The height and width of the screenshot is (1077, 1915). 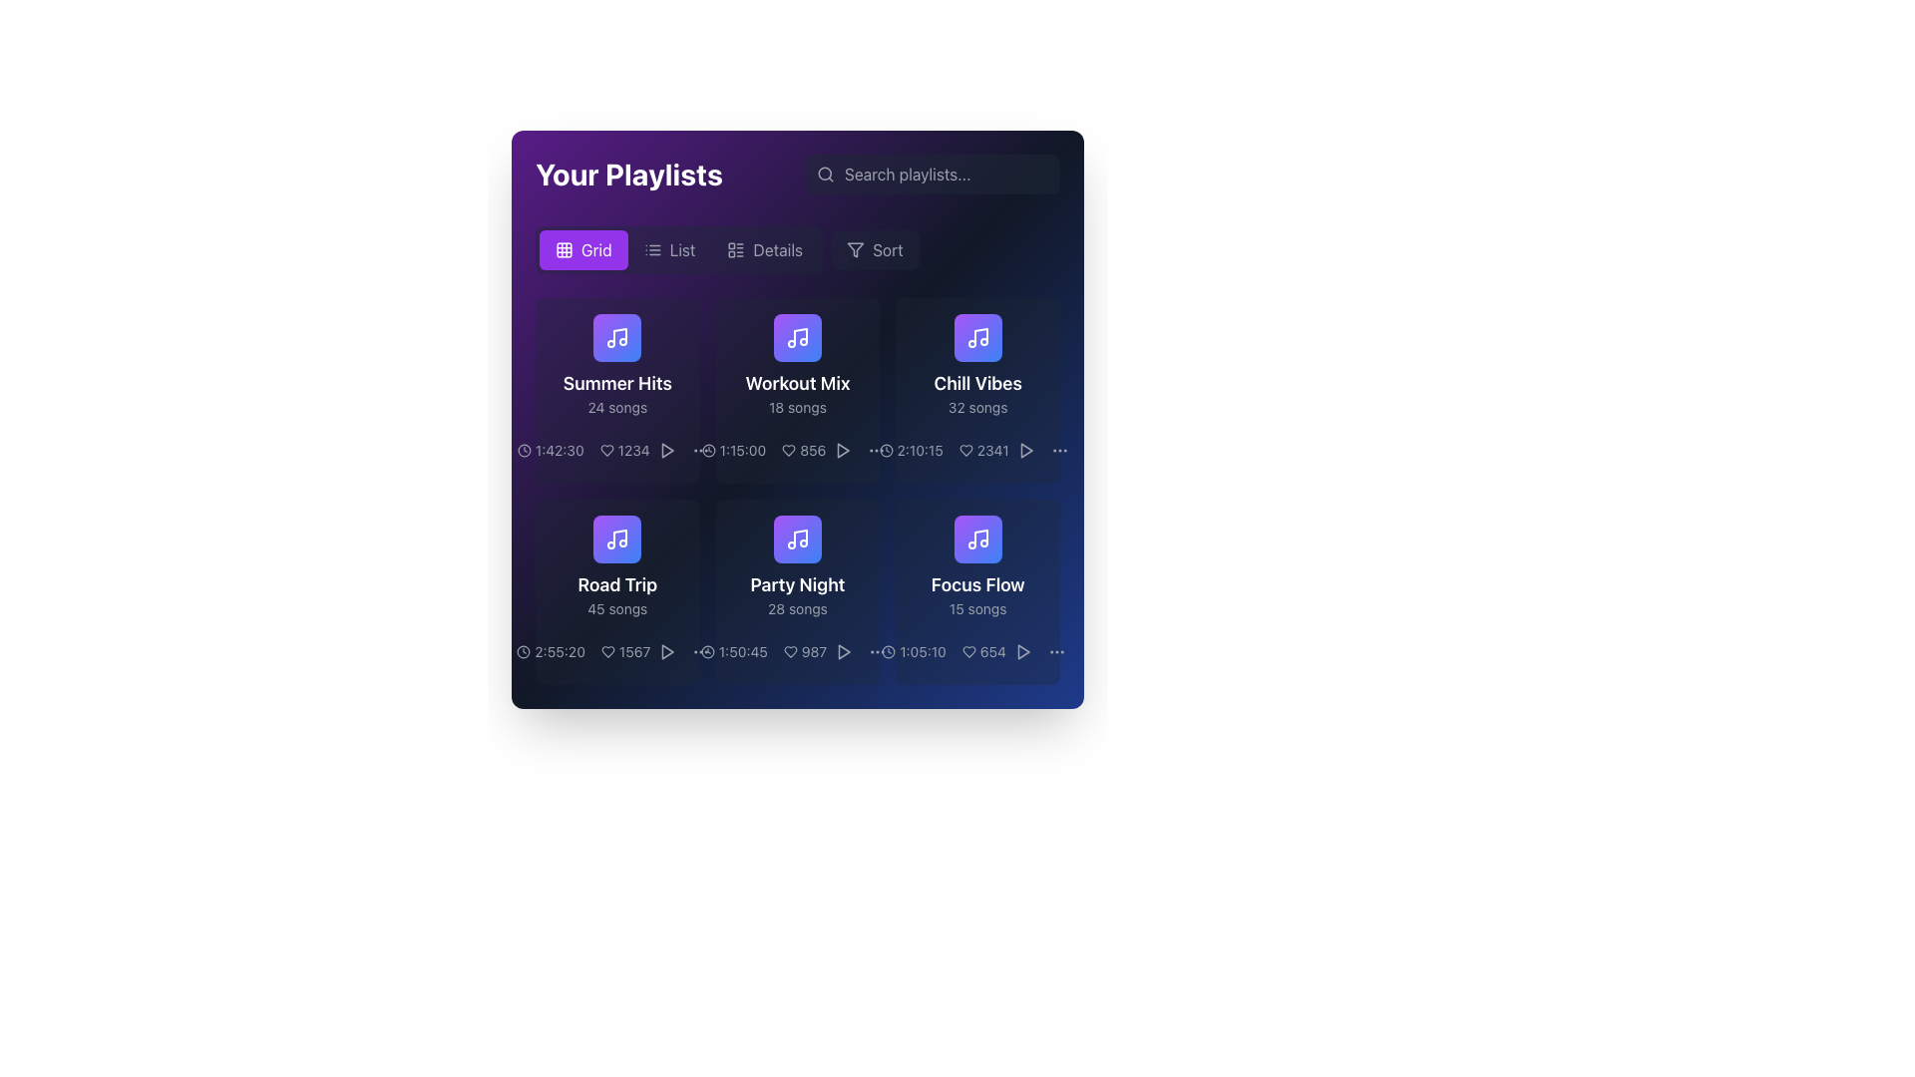 I want to click on the third button in the bottom-right corner of the 'Focus Flow' playlist card, so click(x=878, y=652).